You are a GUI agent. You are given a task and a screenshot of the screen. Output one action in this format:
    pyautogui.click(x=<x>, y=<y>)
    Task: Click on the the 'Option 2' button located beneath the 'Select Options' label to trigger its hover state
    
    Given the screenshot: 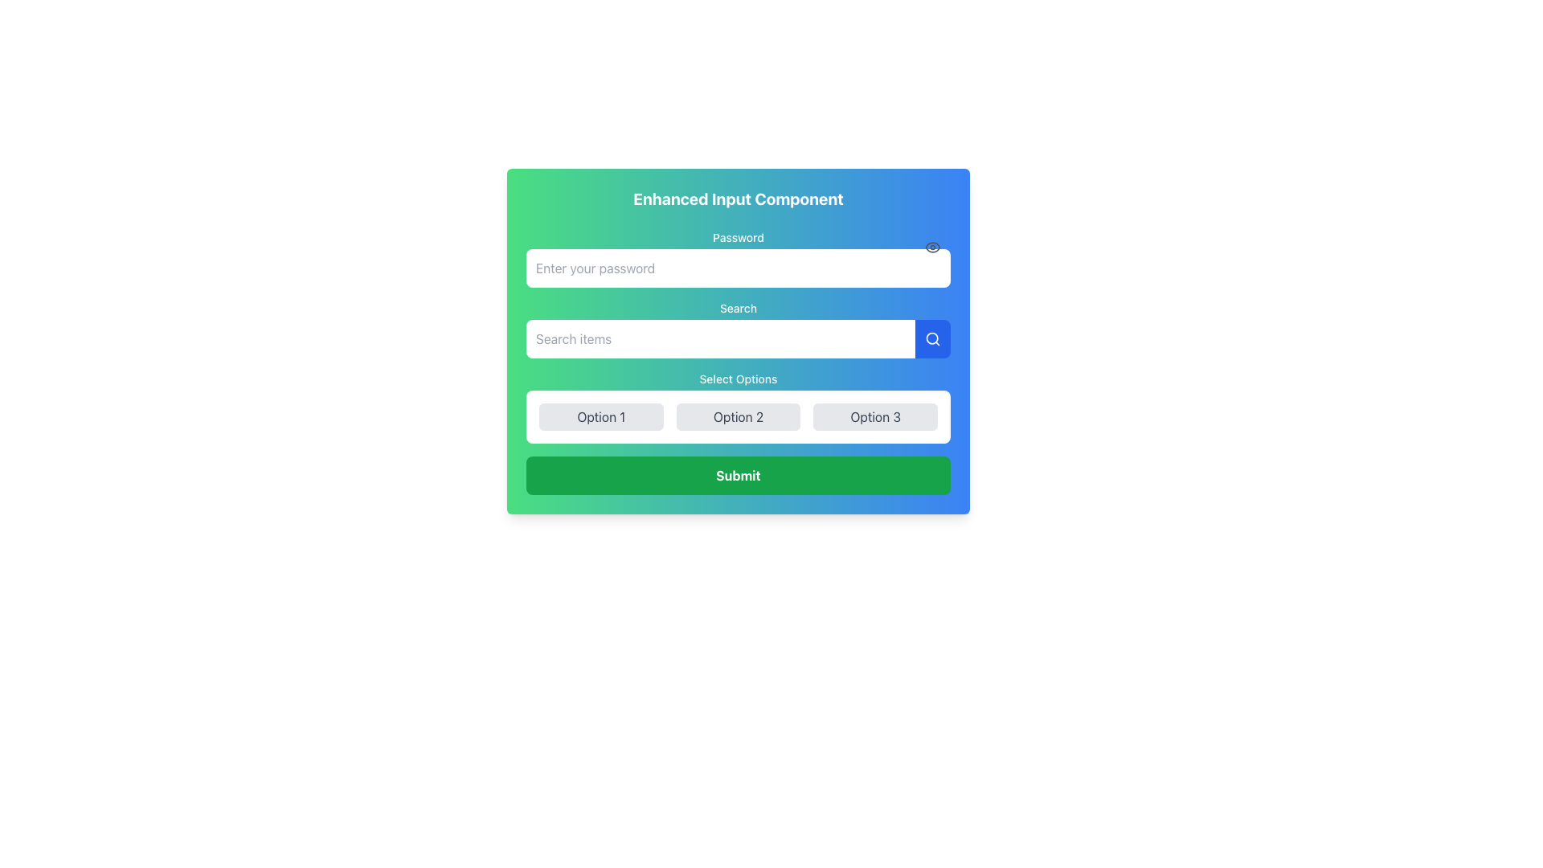 What is the action you would take?
    pyautogui.click(x=737, y=416)
    